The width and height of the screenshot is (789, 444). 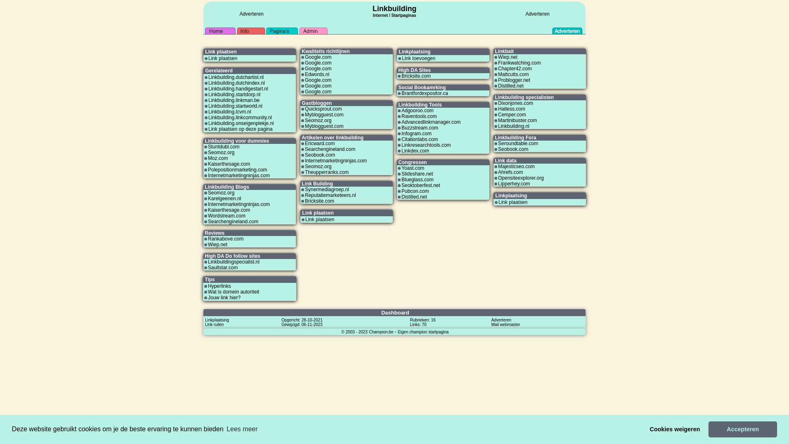 I want to click on 'Mail webmaster', so click(x=505, y=324).